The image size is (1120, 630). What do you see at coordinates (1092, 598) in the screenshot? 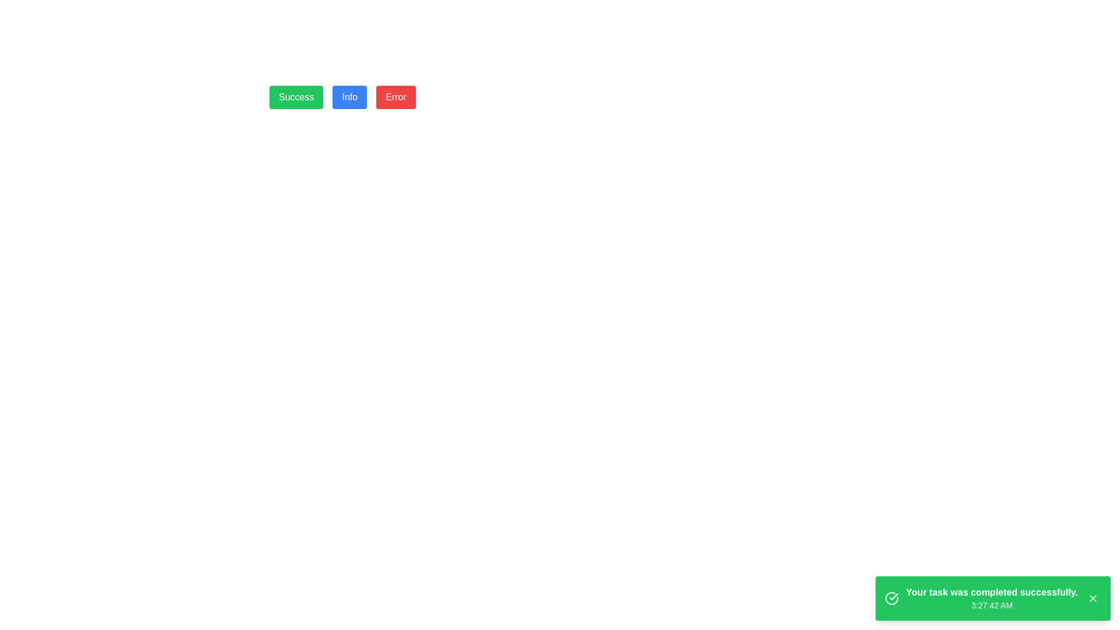
I see `the button located in the bottom-right corner of the green notification message box` at bounding box center [1092, 598].